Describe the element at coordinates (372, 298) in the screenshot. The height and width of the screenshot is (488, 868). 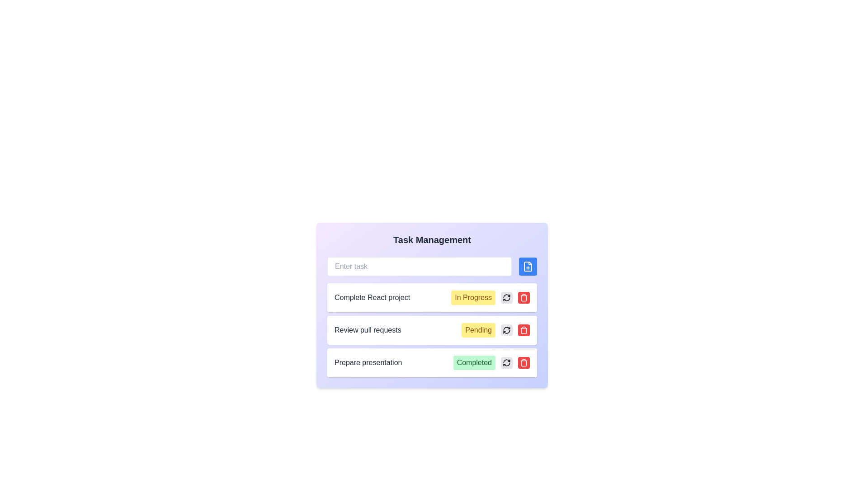
I see `the static text label displaying 'Complete React project' in bold dark gray font, located in the first row of the task management interface, next to the yellow 'In Progress' label` at that location.